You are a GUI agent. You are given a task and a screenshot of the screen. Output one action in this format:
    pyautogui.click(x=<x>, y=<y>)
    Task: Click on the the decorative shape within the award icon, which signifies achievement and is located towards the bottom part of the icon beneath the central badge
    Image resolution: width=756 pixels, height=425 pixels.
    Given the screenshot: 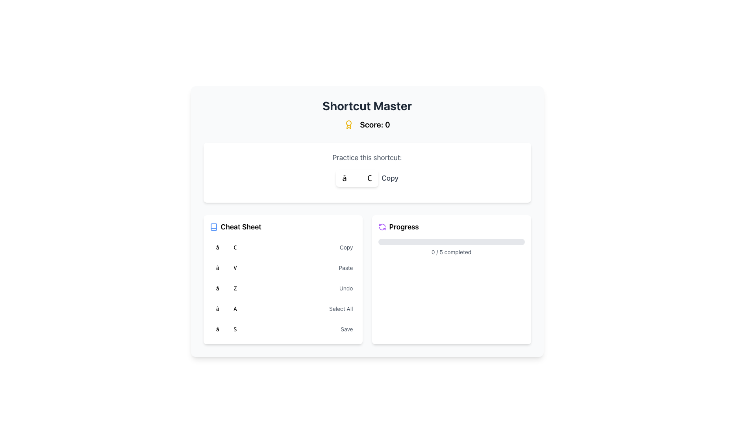 What is the action you would take?
    pyautogui.click(x=348, y=126)
    